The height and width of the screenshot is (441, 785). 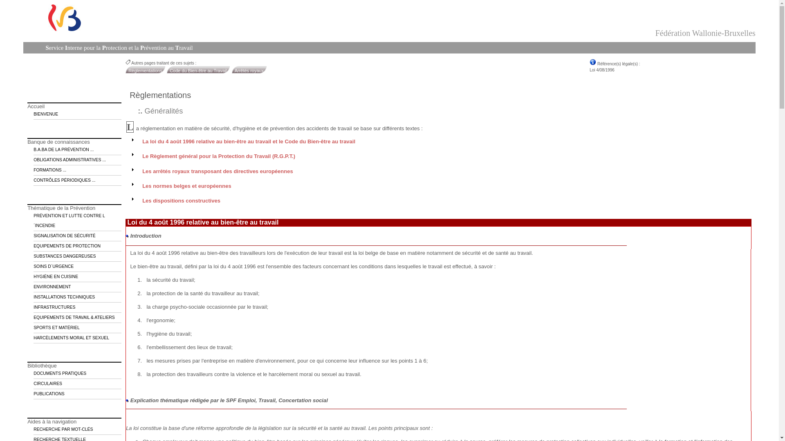 I want to click on 'FORMATIONS ...', so click(x=74, y=170).